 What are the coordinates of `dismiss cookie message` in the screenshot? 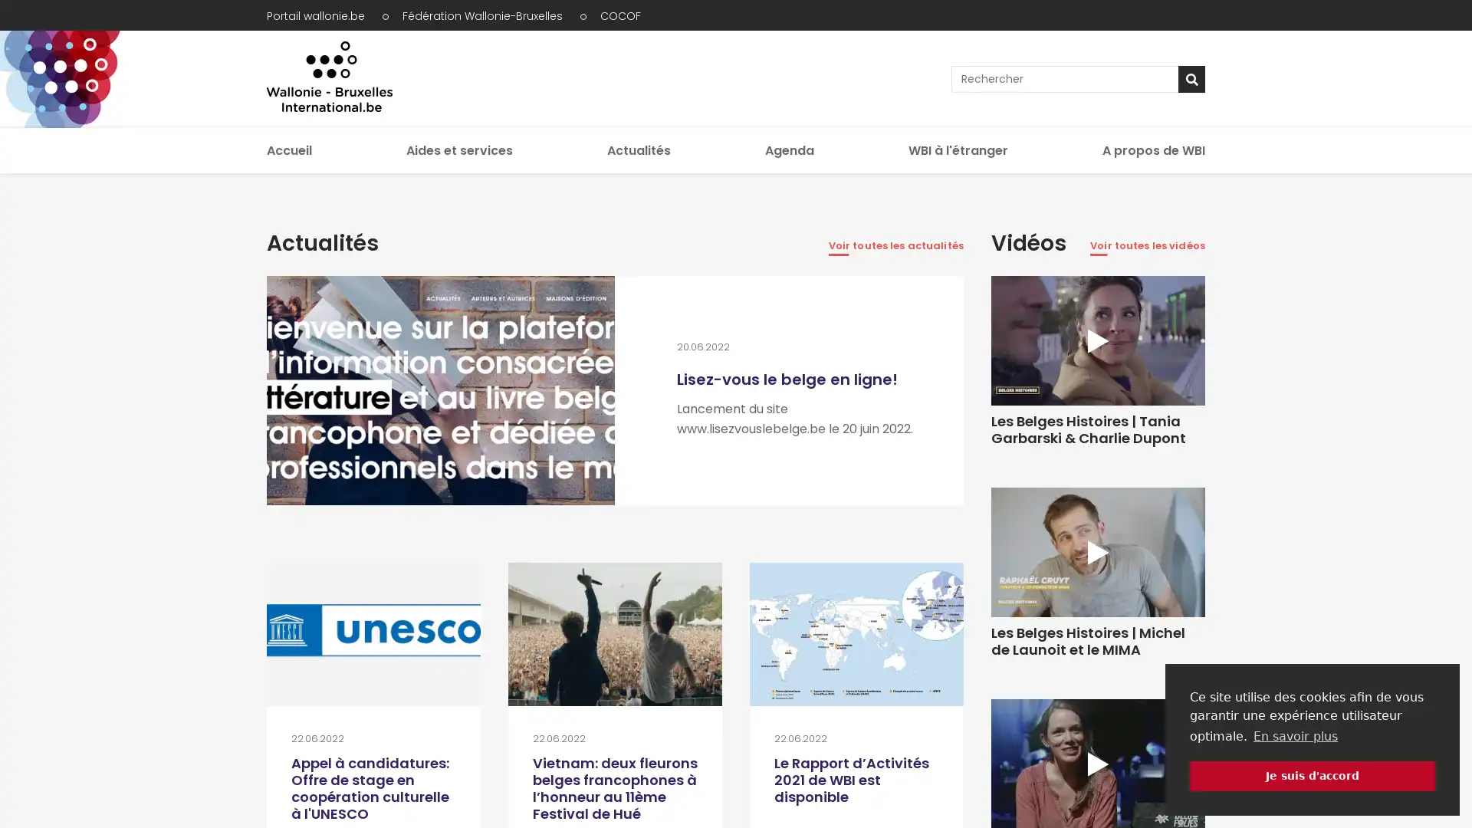 It's located at (1312, 775).